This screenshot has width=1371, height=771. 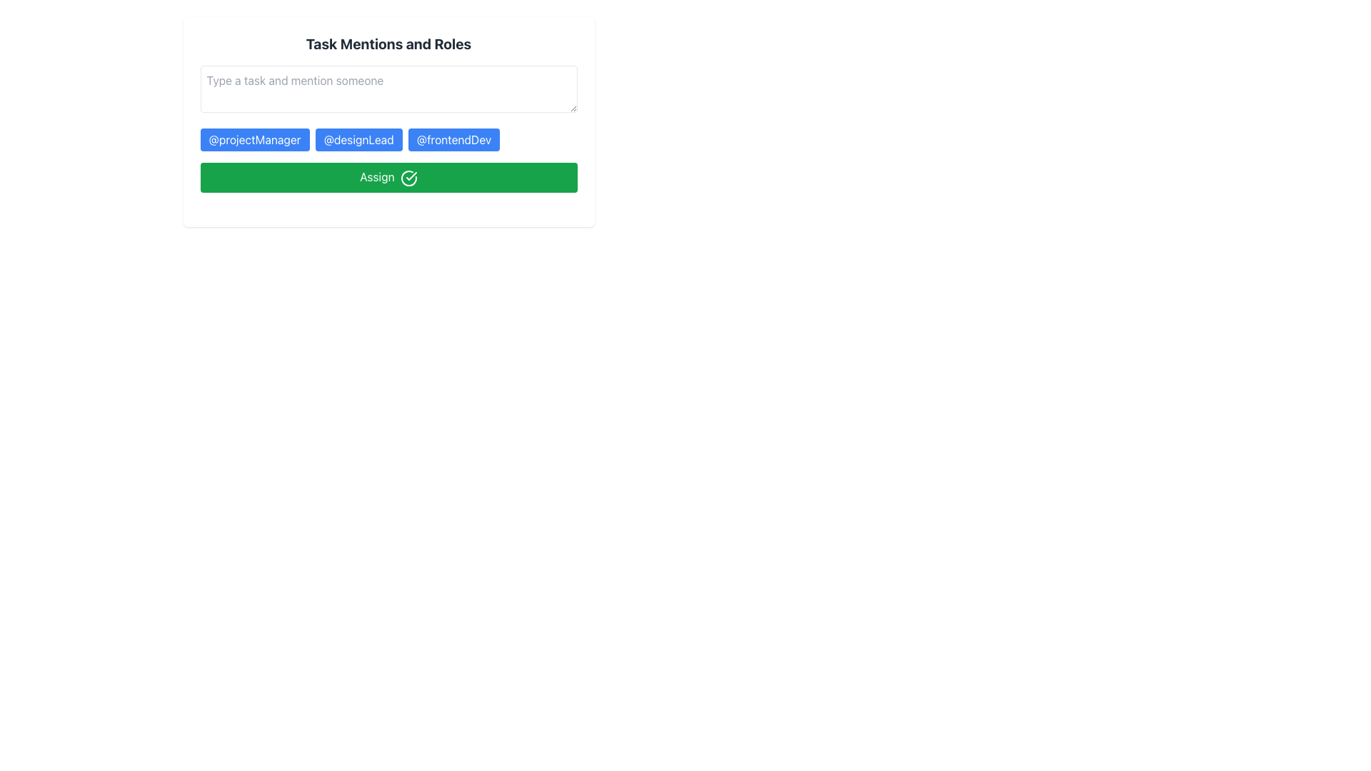 I want to click on the green circular button labeled 'Assign' which contains a check mark icon, so click(x=411, y=175).